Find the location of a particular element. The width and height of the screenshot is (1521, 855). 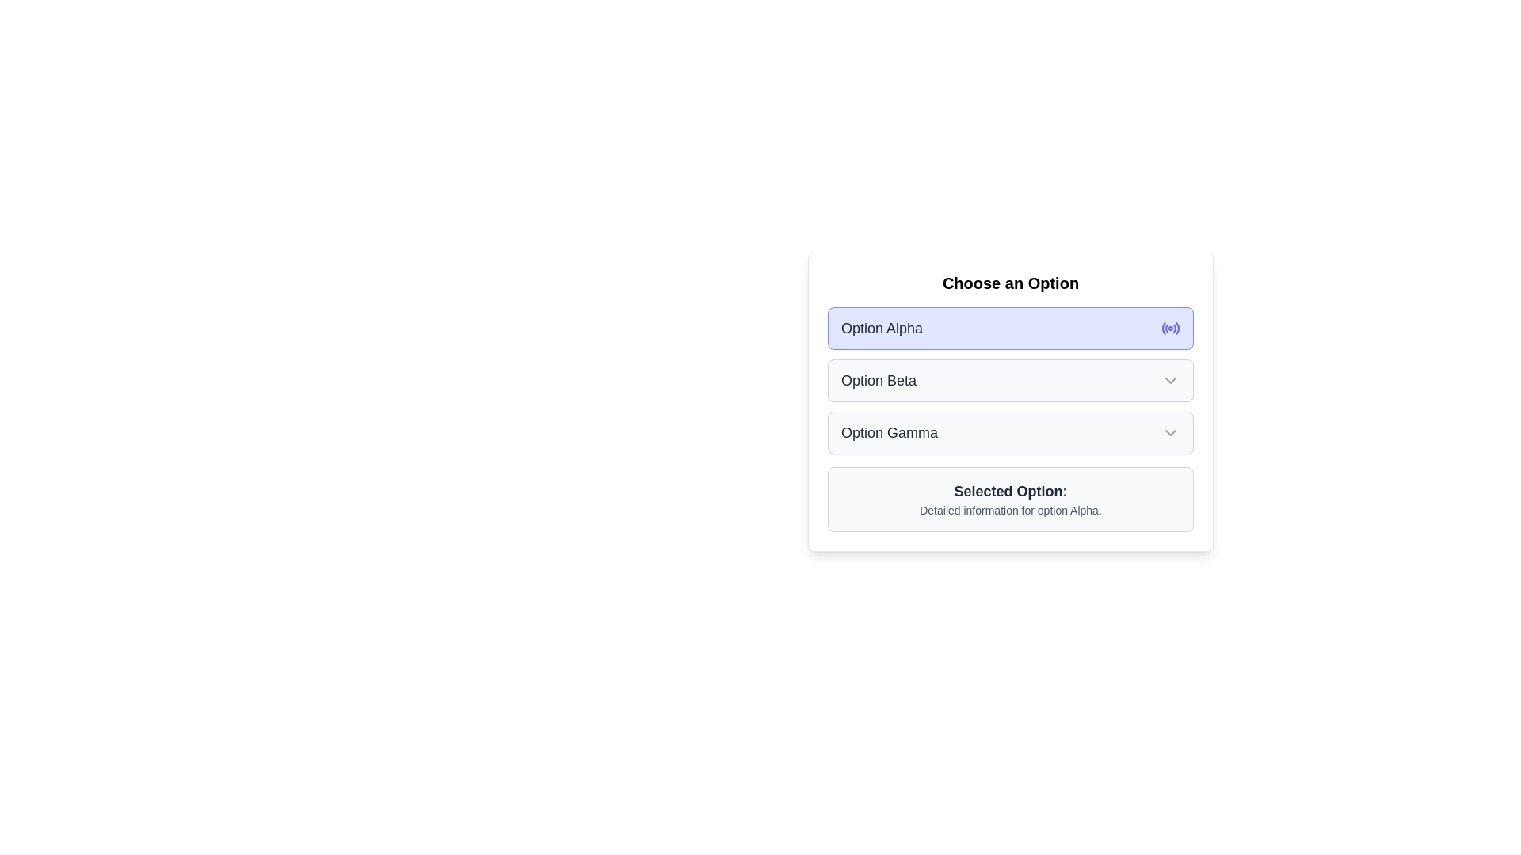

the centered text heading that reads 'Choose an Option', which is styled with a bold appearance and extra-large font size, located at the upper section of a card layout is located at coordinates (1010, 283).